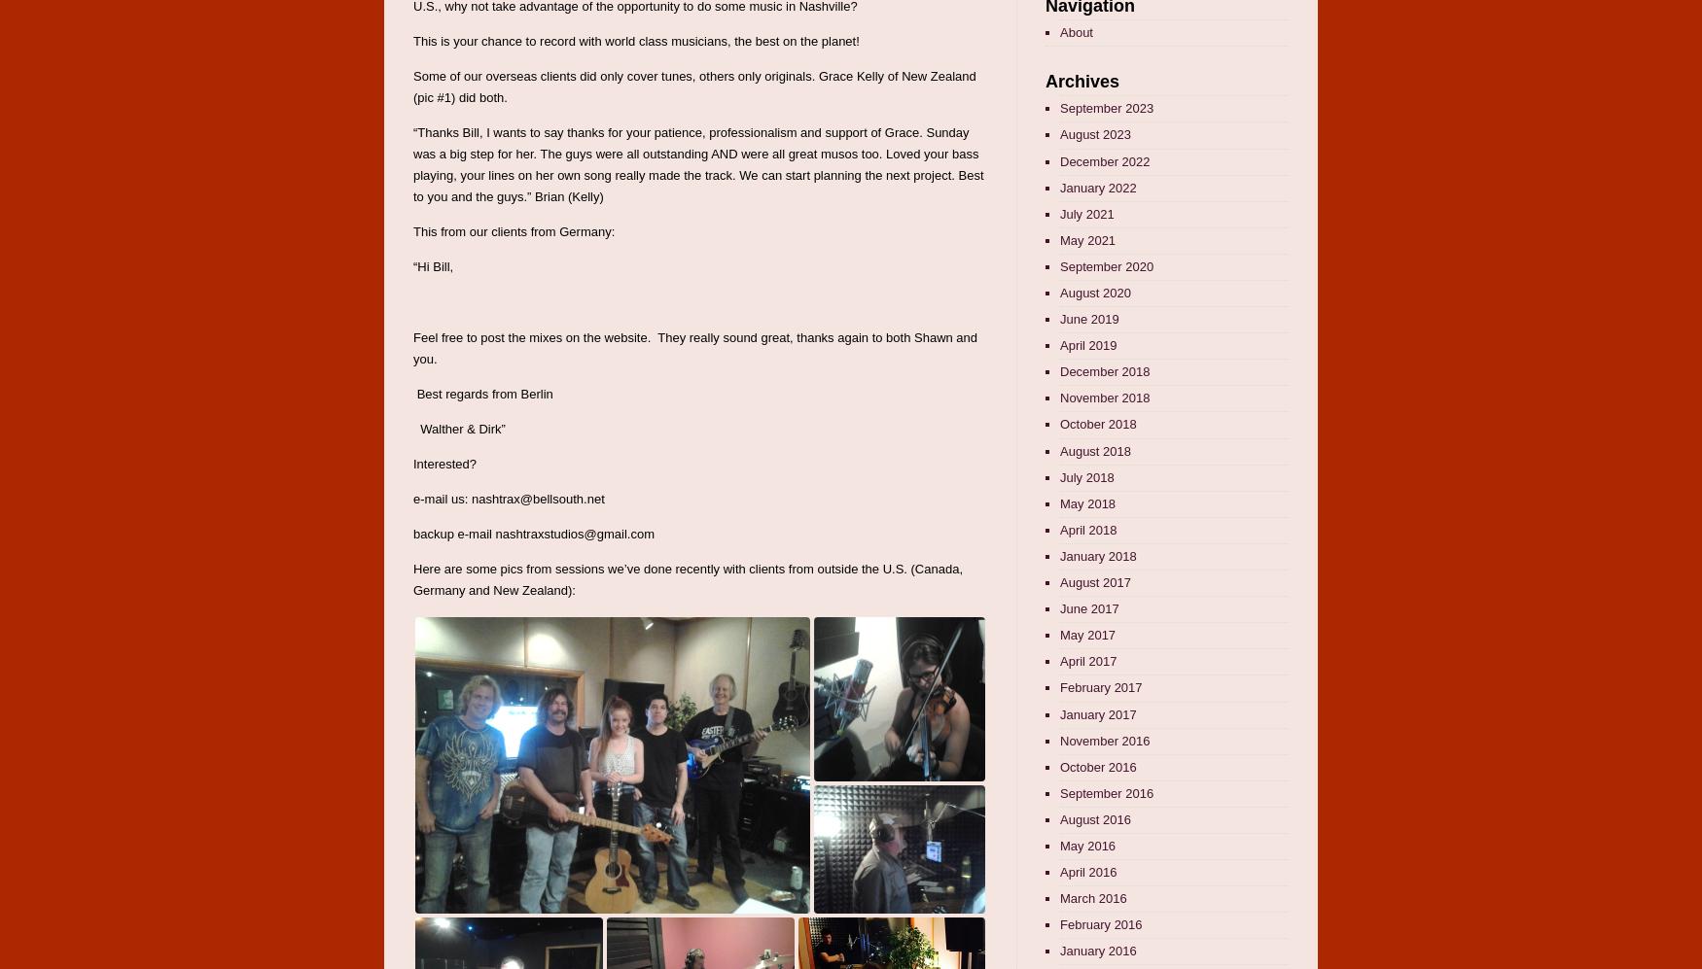 Image resolution: width=1702 pixels, height=969 pixels. I want to click on 'May 2021', so click(1087, 238).